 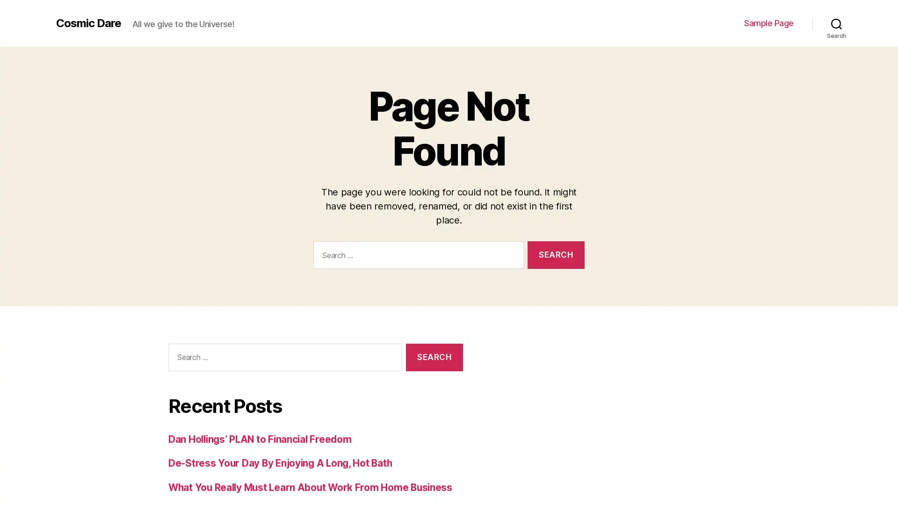 What do you see at coordinates (556, 254) in the screenshot?
I see `Search` at bounding box center [556, 254].